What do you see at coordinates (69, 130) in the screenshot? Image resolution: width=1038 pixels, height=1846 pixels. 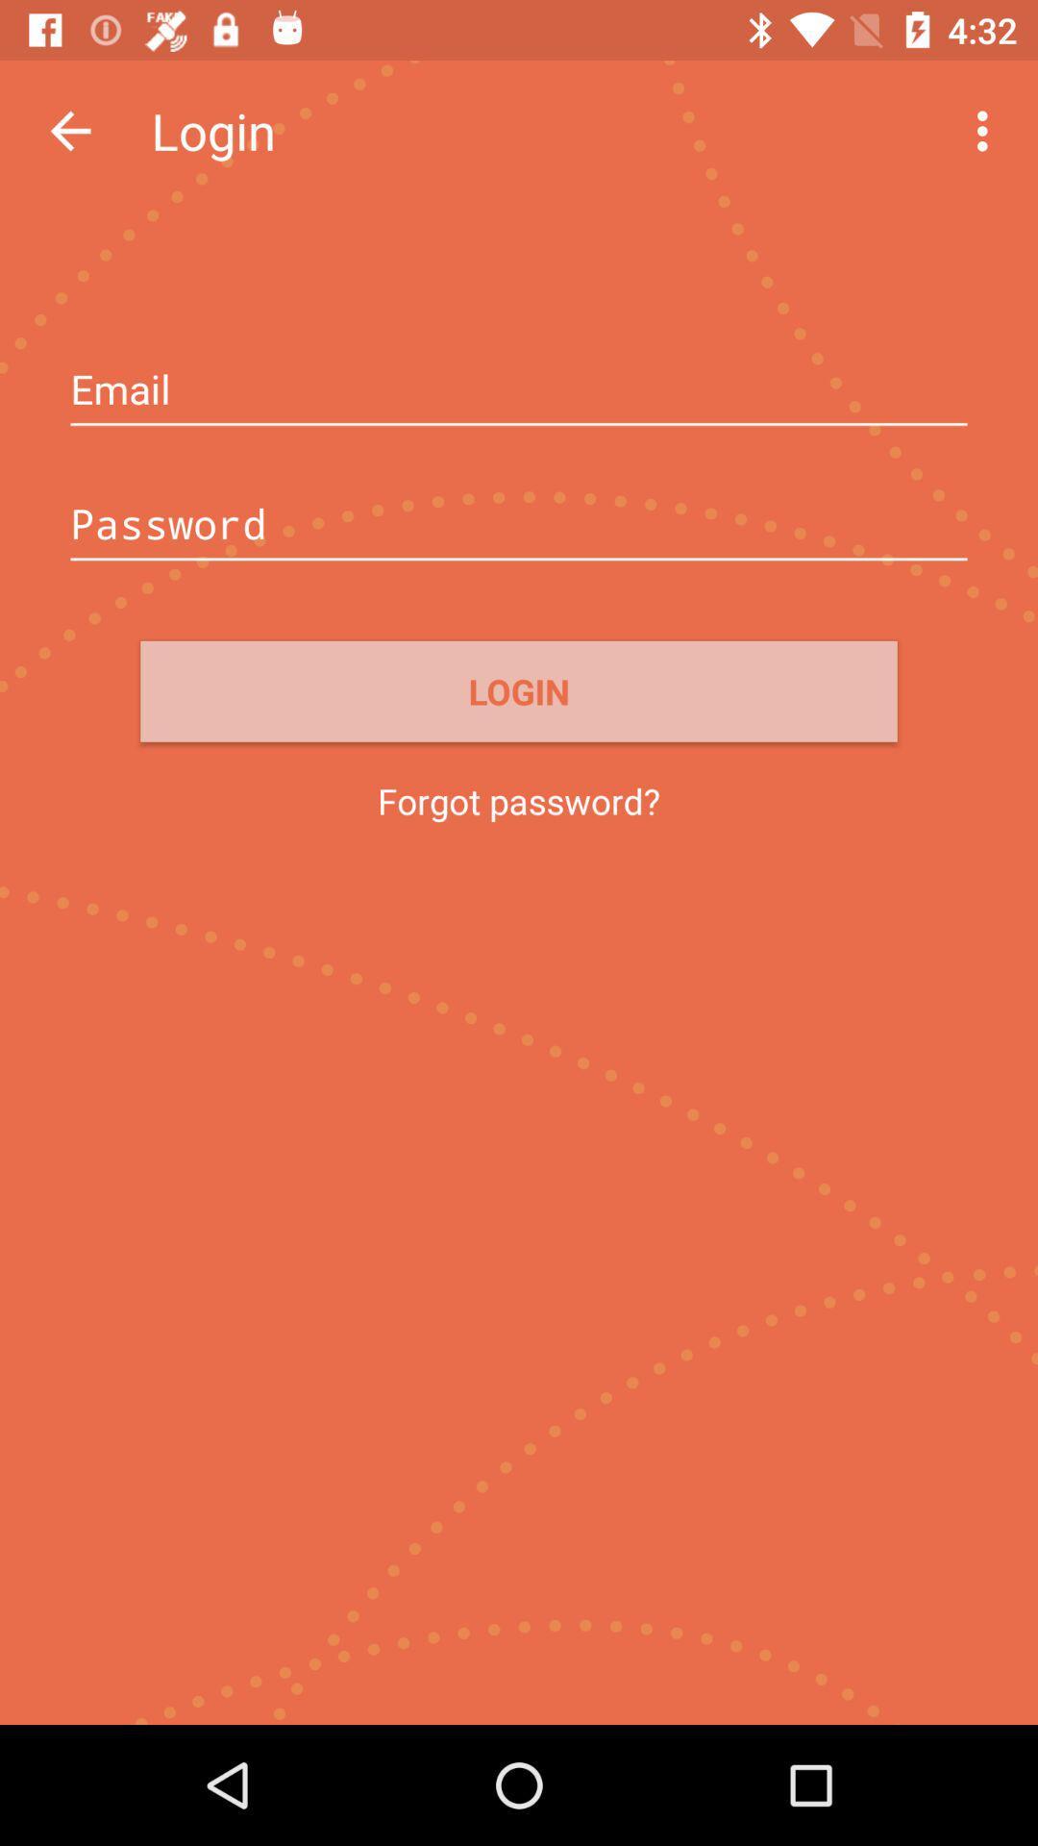 I see `go back` at bounding box center [69, 130].